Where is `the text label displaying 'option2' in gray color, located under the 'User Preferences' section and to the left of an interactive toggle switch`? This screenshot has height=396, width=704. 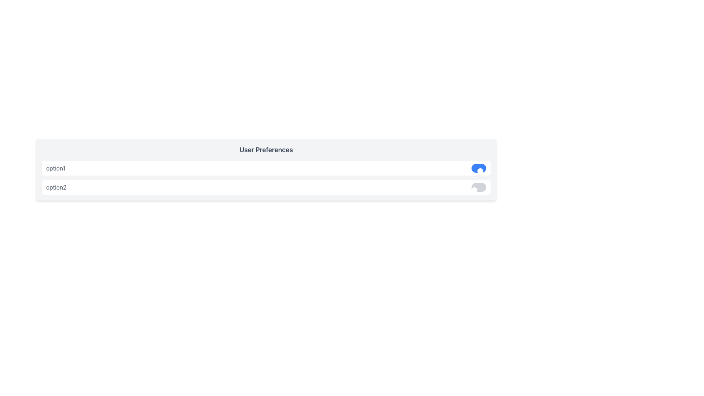
the text label displaying 'option2' in gray color, located under the 'User Preferences' section and to the left of an interactive toggle switch is located at coordinates (56, 187).